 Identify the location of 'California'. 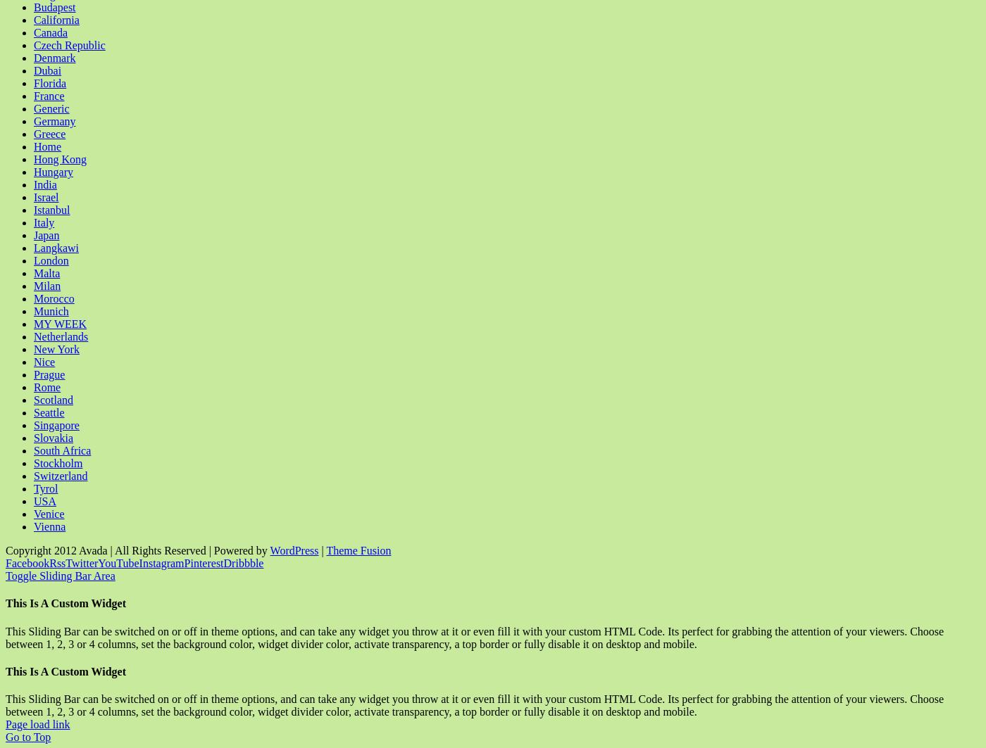
(56, 20).